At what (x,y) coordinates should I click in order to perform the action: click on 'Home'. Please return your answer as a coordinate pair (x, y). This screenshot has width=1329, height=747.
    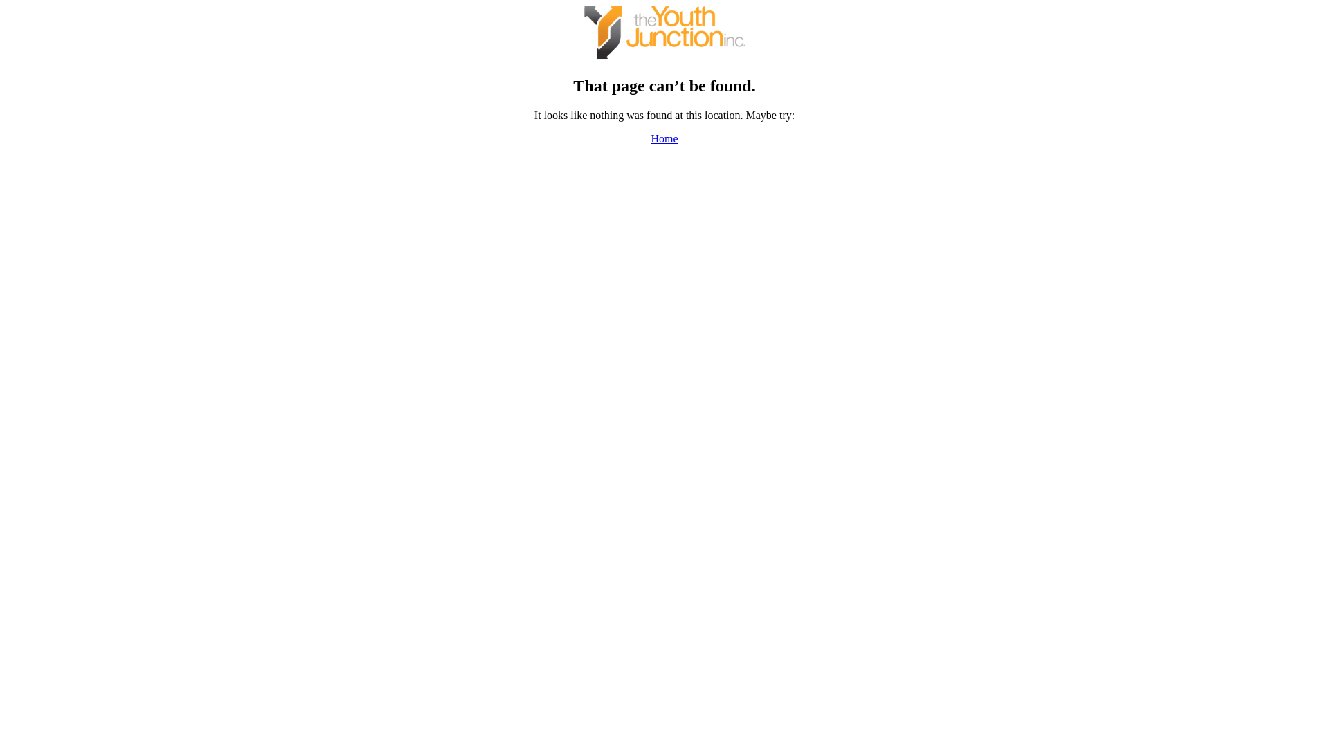
    Looking at the image, I should click on (663, 138).